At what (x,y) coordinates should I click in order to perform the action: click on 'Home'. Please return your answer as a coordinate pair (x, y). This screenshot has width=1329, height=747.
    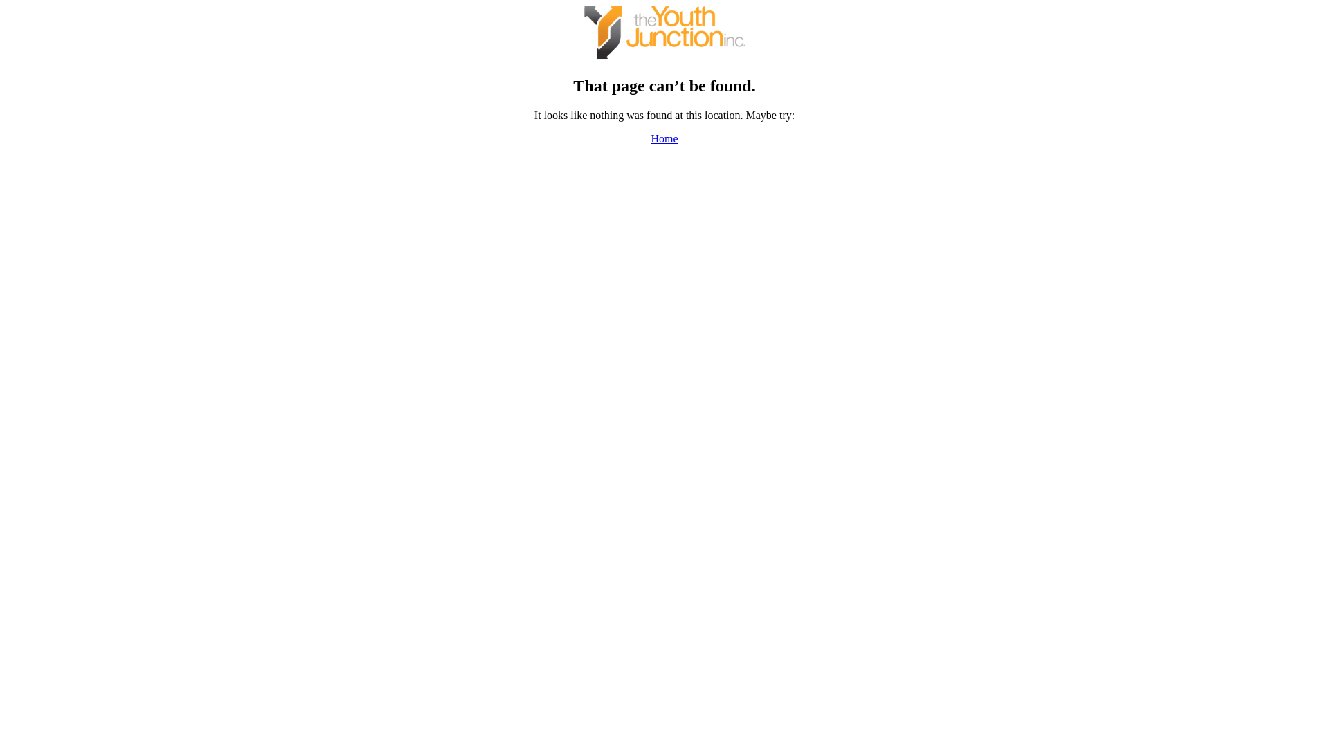
    Looking at the image, I should click on (663, 138).